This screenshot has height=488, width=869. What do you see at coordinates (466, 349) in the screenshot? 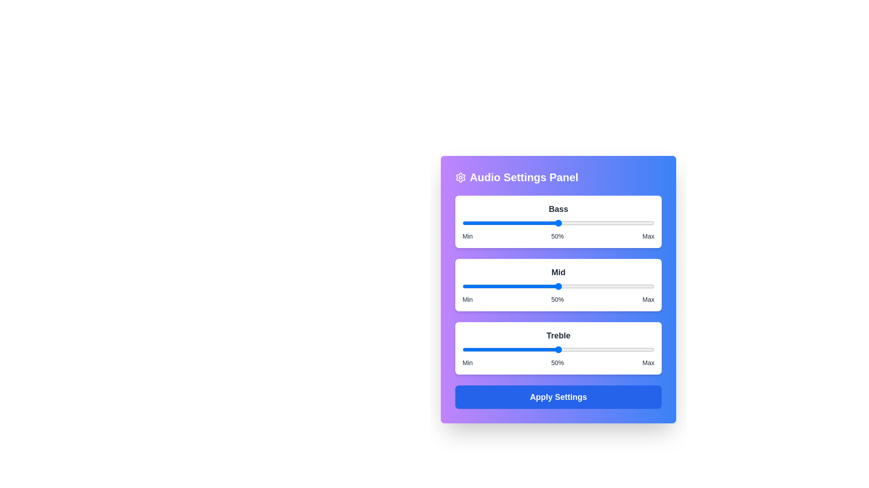
I see `the treble level` at bounding box center [466, 349].